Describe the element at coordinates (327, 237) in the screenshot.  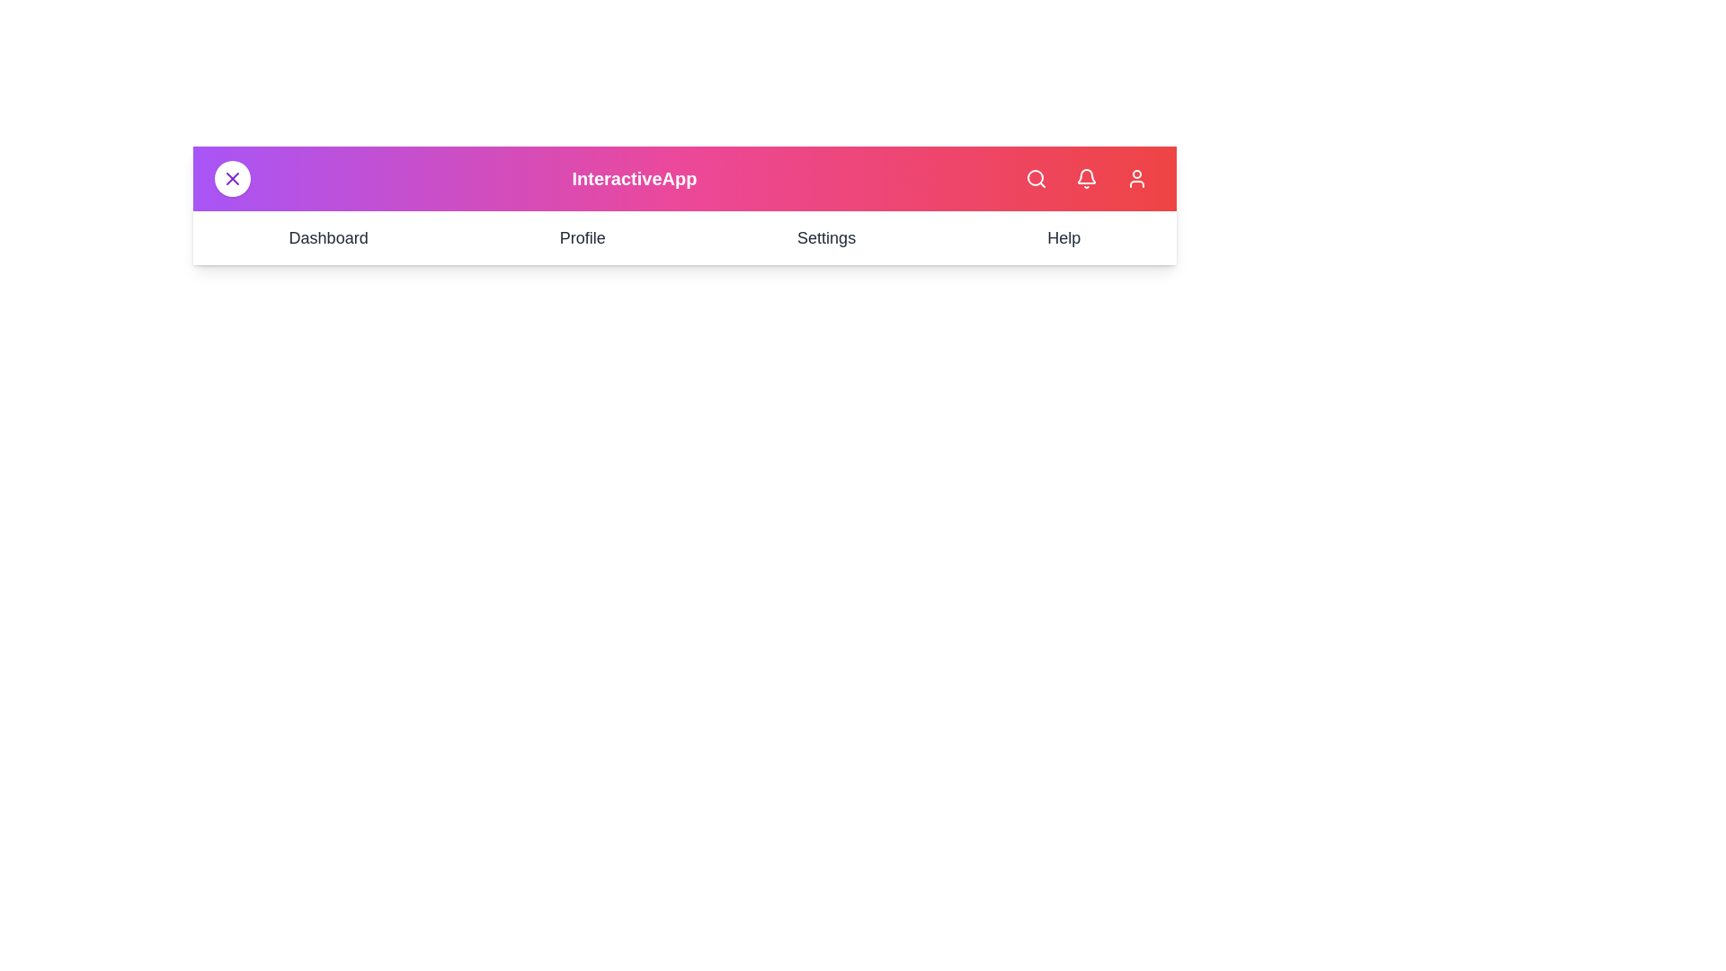
I see `the Dashboard navigation item` at that location.